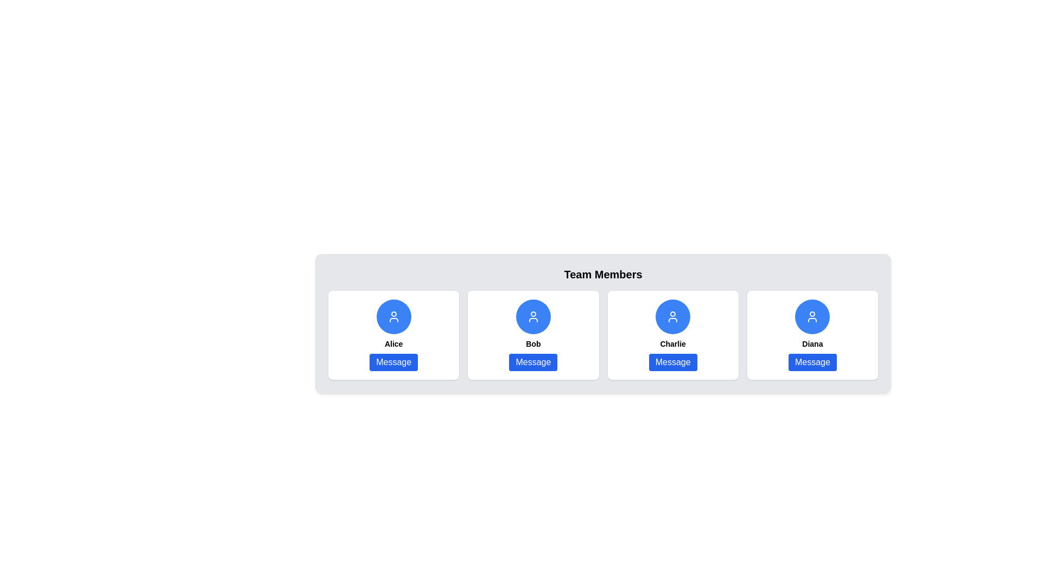 The height and width of the screenshot is (586, 1042). I want to click on the user icon, which is a circular image with a blue background and white lines, located in the rightmost card of the 'Team Members' section, above the label 'Diana', so click(812, 316).